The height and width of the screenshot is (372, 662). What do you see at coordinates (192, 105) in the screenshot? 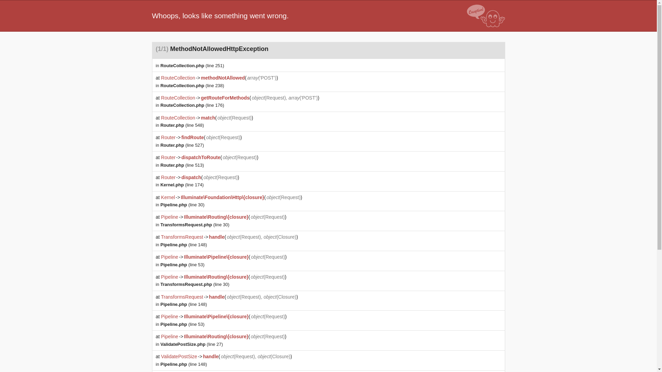
I see `'RouteCollection.php (line 176)'` at bounding box center [192, 105].